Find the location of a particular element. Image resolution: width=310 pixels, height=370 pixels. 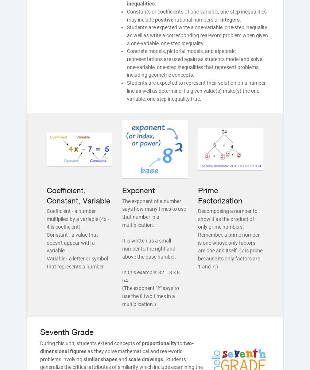

'drawings' is located at coordinates (152, 359).